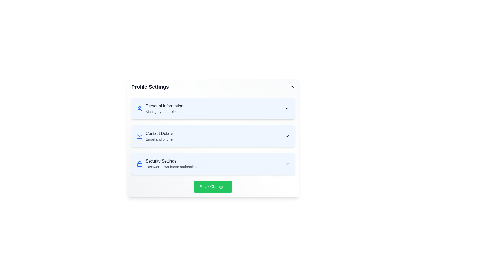  What do you see at coordinates (140, 136) in the screenshot?
I see `the blue rectangular graphic element resembling an envelope, located within the mail icon next to the 'Contact Details' section in the settings panel` at bounding box center [140, 136].